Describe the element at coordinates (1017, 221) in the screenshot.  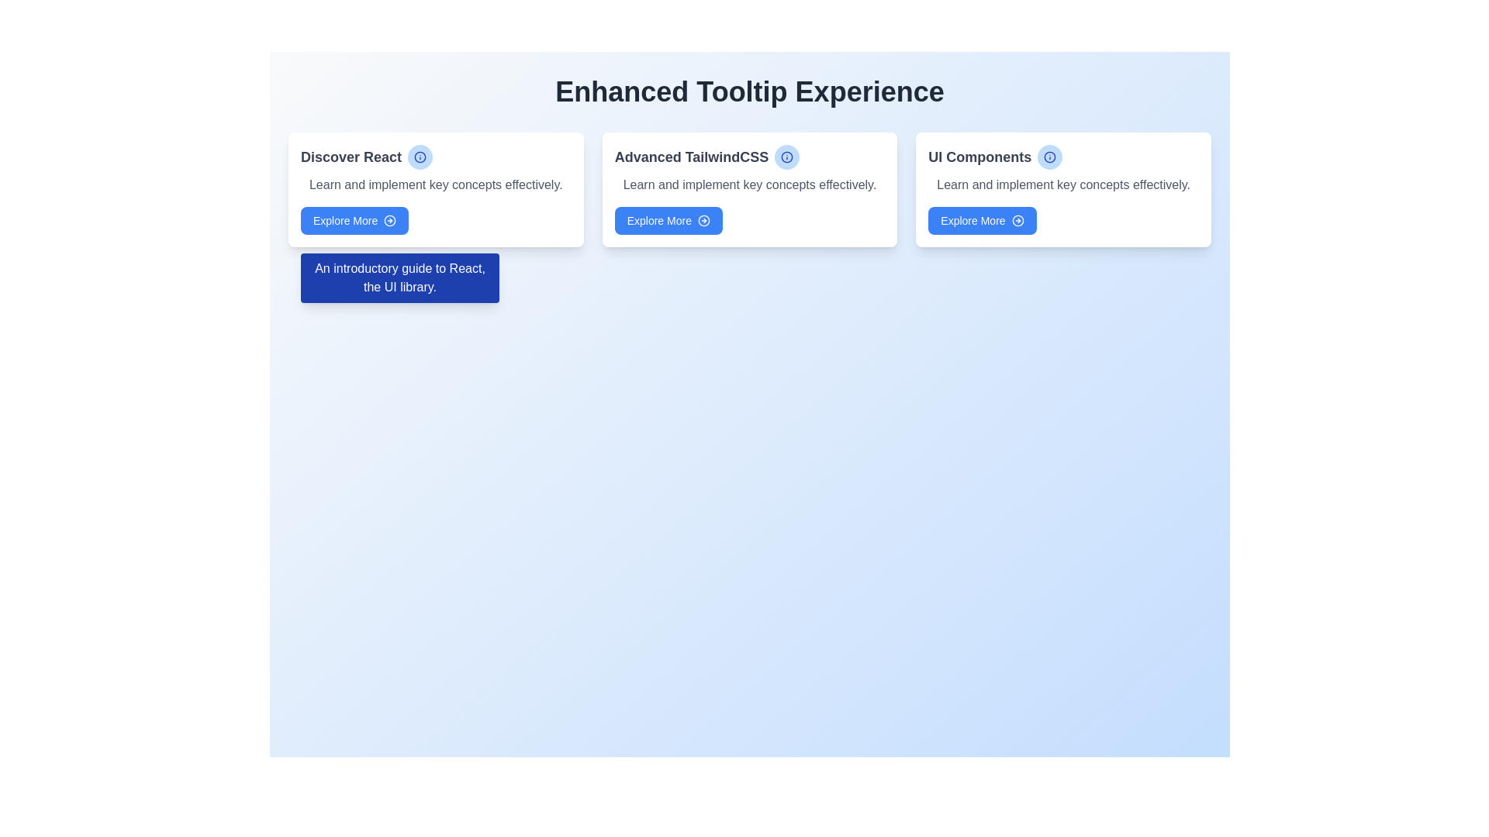
I see `the circular icon component at the right end of the 'Explore More' button in the 'UI Components' section to reinforce the action to proceed or navigate further` at that location.